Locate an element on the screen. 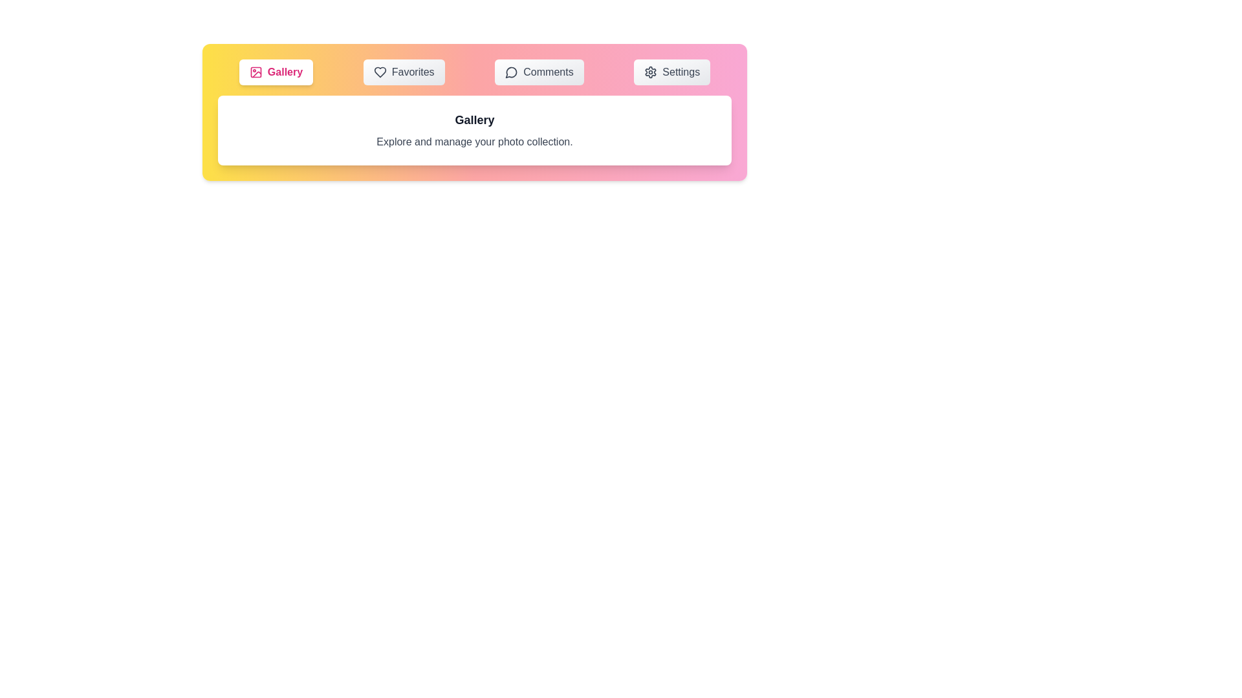  the Favorites tab is located at coordinates (403, 72).